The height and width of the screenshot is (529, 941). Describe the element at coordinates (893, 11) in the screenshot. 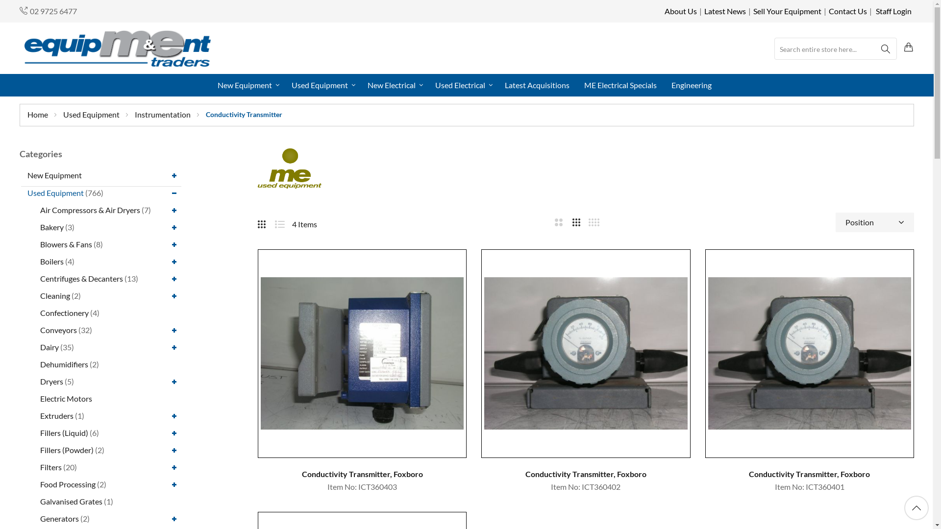

I see `'Staff Login'` at that location.